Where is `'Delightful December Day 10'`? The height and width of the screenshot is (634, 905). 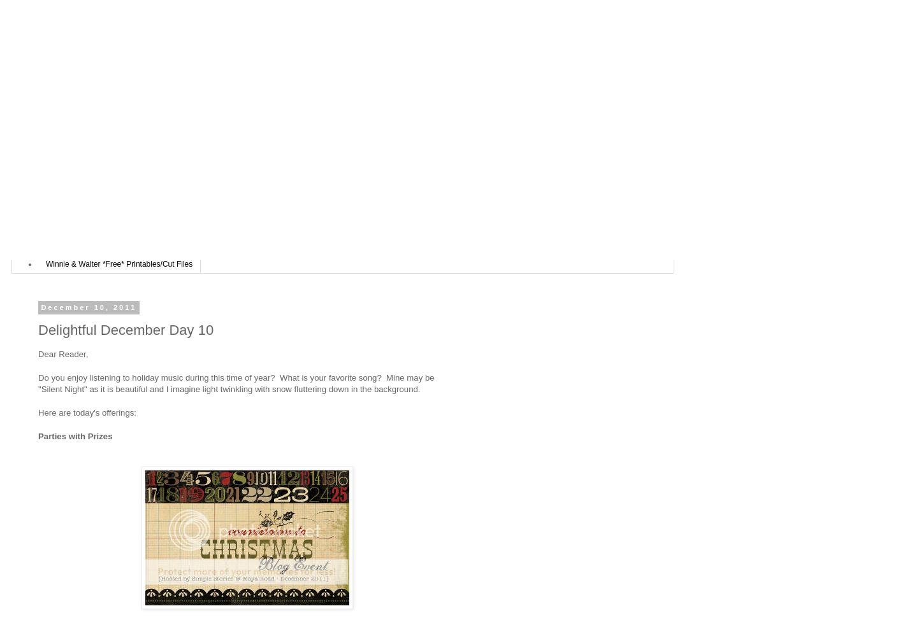 'Delightful December Day 10' is located at coordinates (38, 329).